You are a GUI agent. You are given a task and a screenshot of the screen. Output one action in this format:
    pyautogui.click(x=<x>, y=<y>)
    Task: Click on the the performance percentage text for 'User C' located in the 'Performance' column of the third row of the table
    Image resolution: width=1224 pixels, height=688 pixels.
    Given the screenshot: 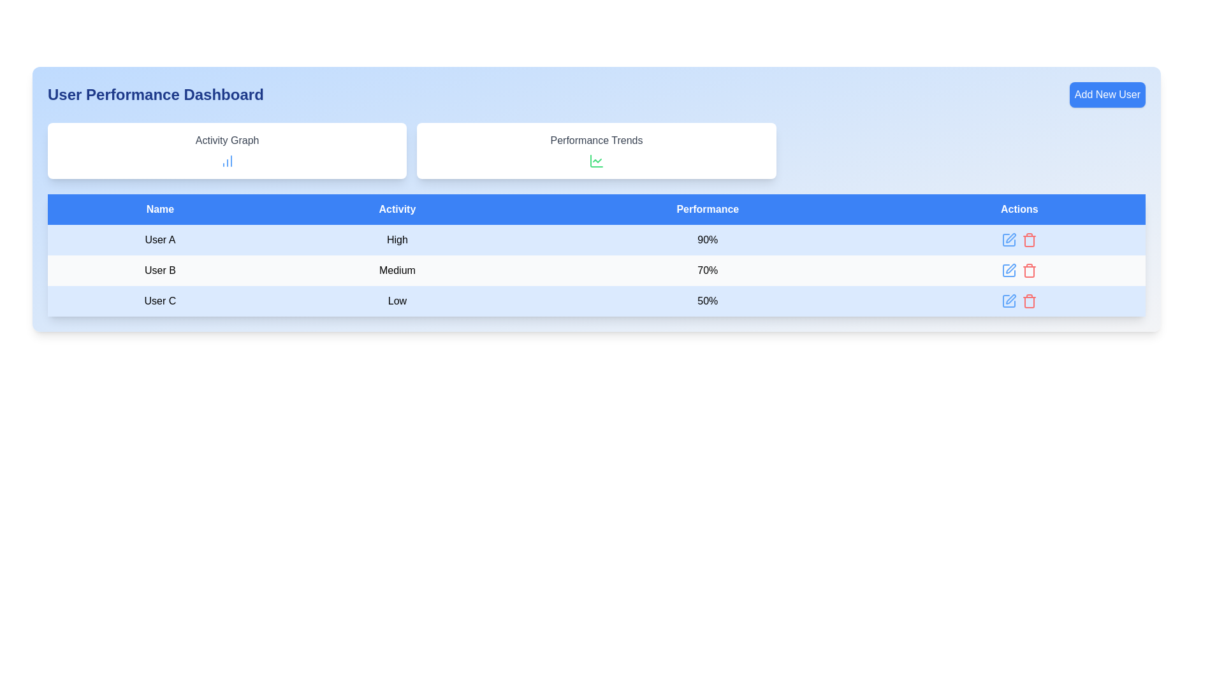 What is the action you would take?
    pyautogui.click(x=707, y=301)
    